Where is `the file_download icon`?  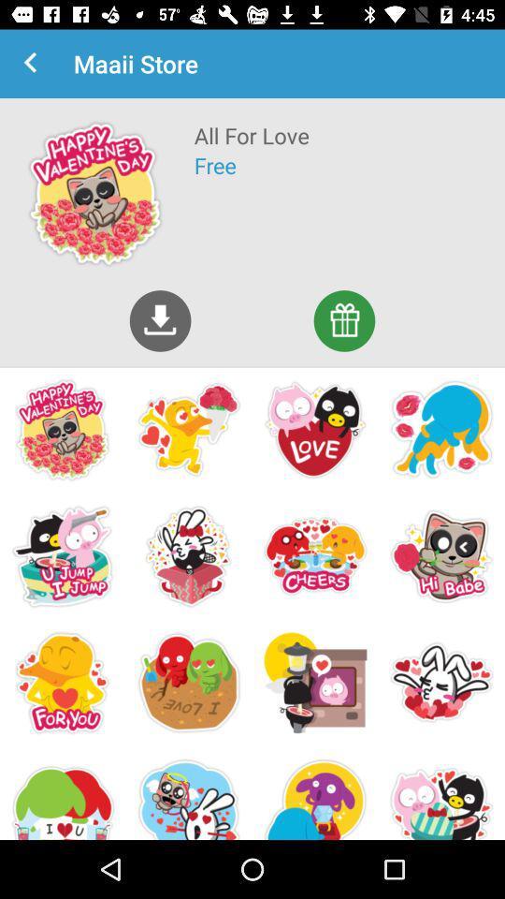
the file_download icon is located at coordinates (160, 320).